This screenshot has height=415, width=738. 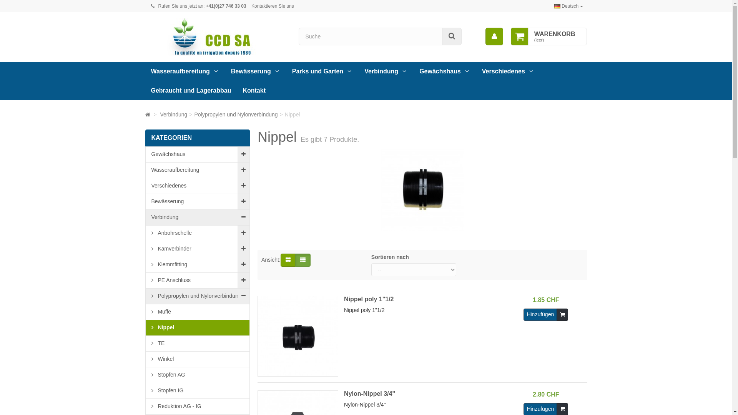 I want to click on 'Verbindung', so click(x=160, y=114).